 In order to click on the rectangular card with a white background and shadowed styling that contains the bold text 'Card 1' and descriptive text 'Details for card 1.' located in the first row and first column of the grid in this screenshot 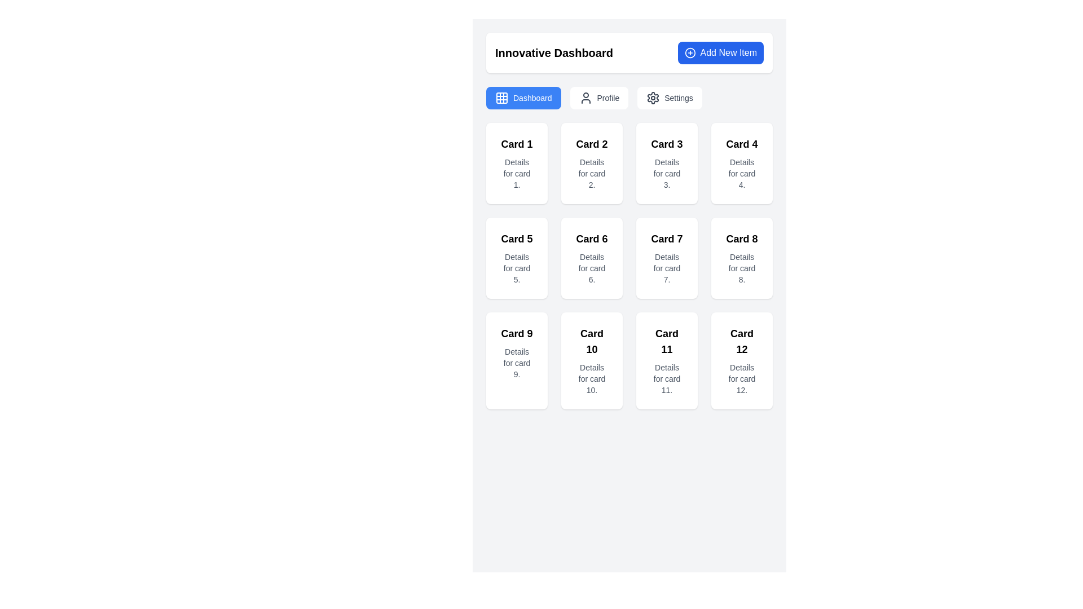, I will do `click(516, 163)`.